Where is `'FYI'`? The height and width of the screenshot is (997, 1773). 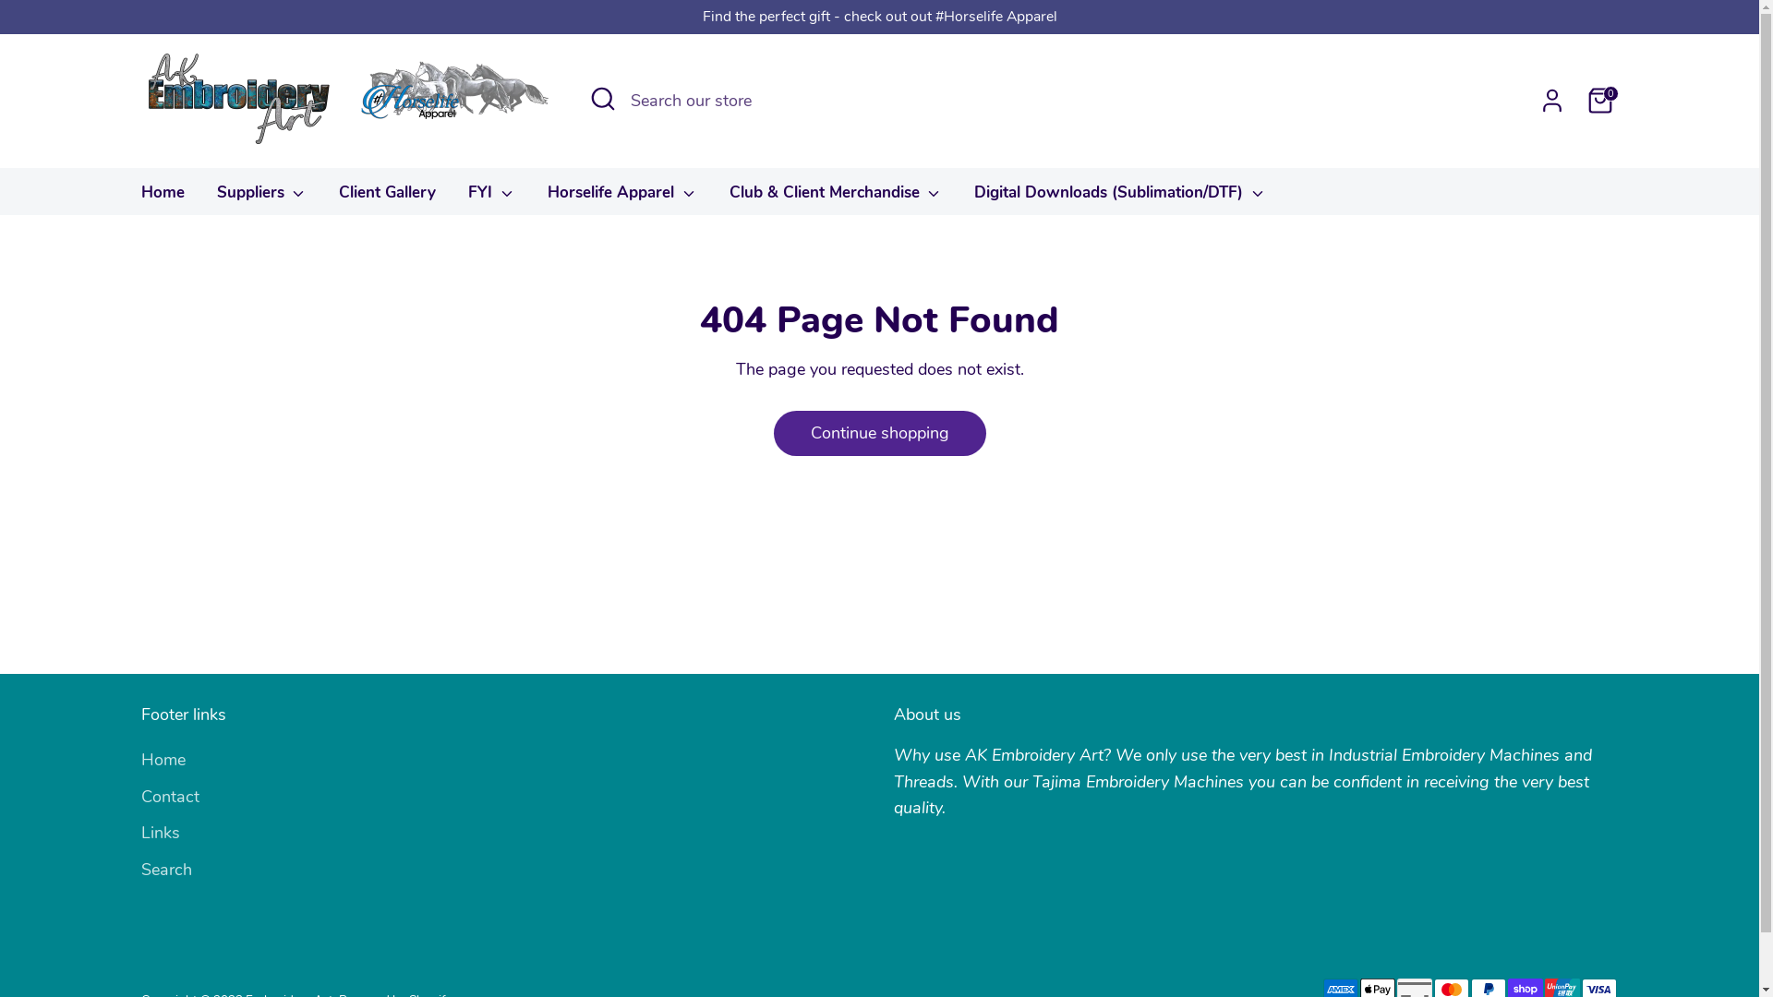 'FYI' is located at coordinates (491, 198).